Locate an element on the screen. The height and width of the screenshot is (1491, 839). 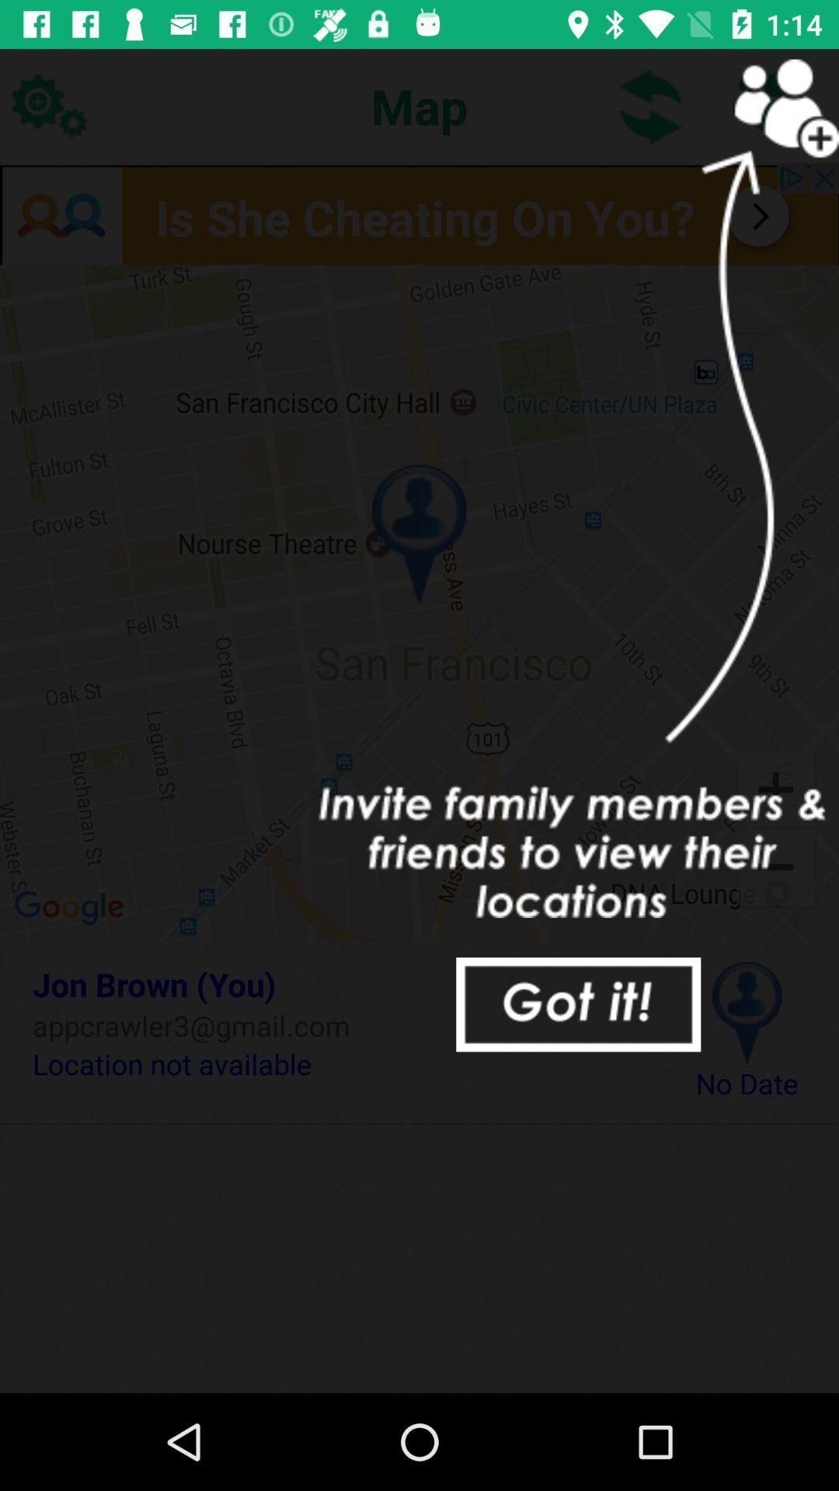
invite others is located at coordinates (769, 105).